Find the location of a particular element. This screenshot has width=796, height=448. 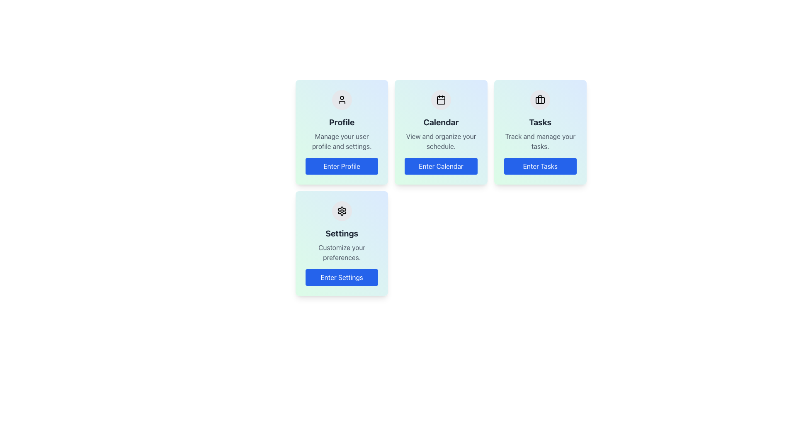

the Calendar icon element for accessibility navigation is located at coordinates (441, 99).